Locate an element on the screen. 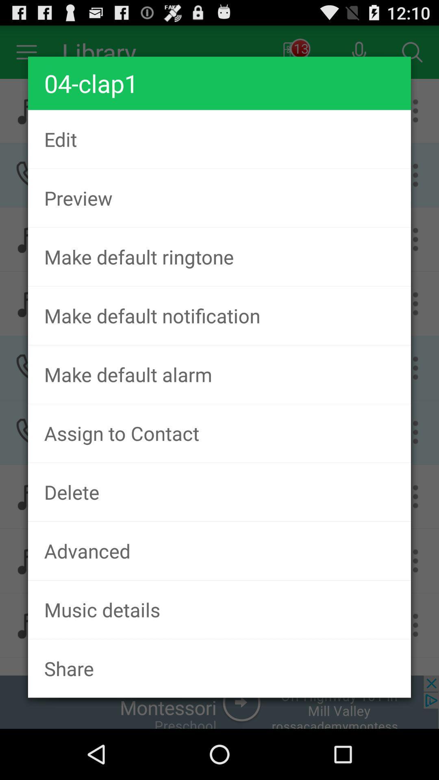 This screenshot has width=439, height=780. assign to contact app is located at coordinates (219, 433).